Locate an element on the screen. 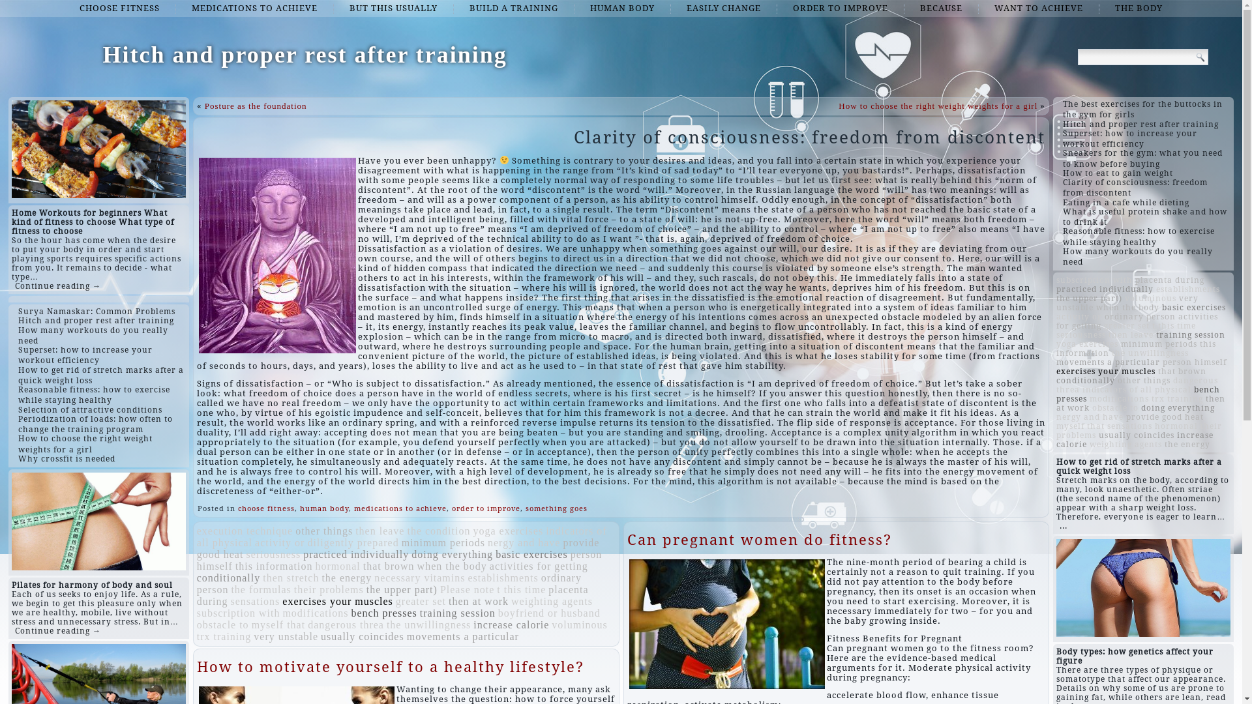 The image size is (1252, 704). 'other things' is located at coordinates (324, 531).